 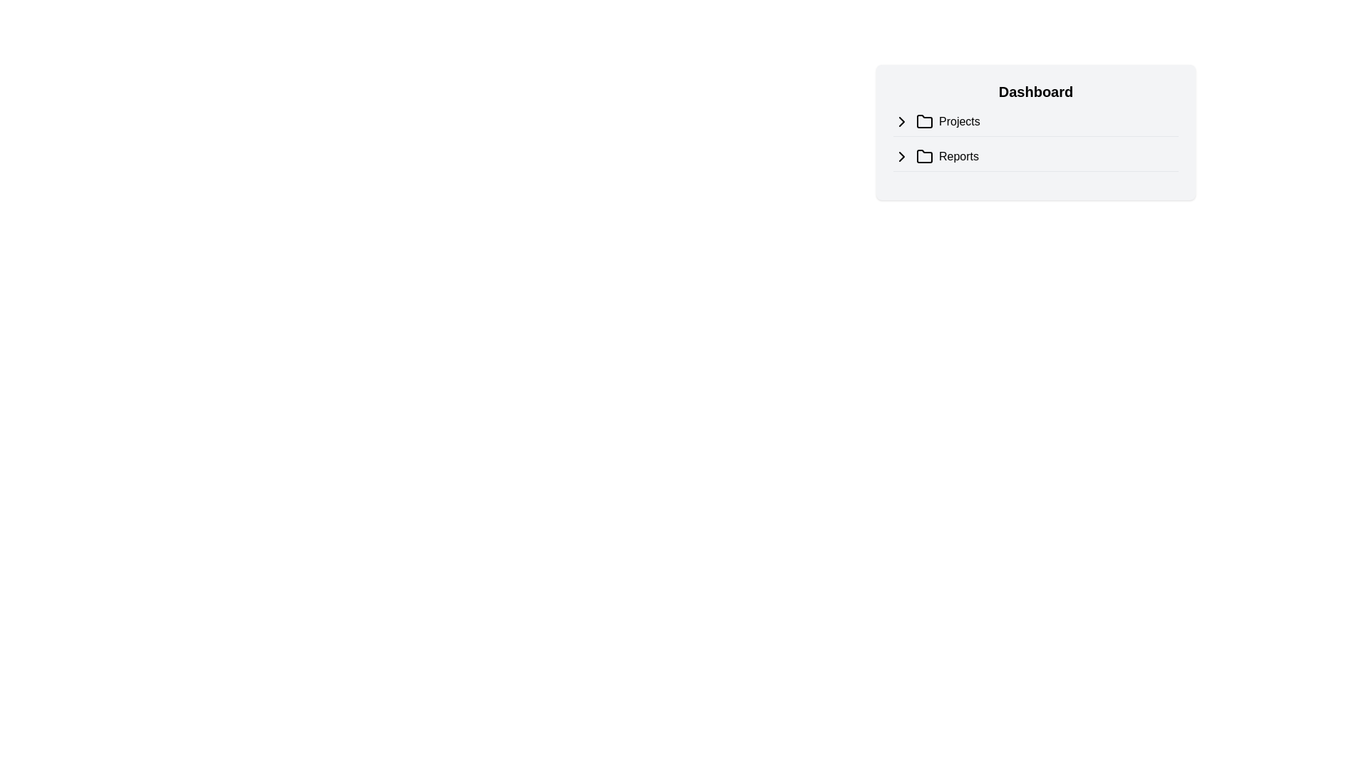 What do you see at coordinates (901, 156) in the screenshot?
I see `the Chevron icon located to the left of the 'Reports' label` at bounding box center [901, 156].